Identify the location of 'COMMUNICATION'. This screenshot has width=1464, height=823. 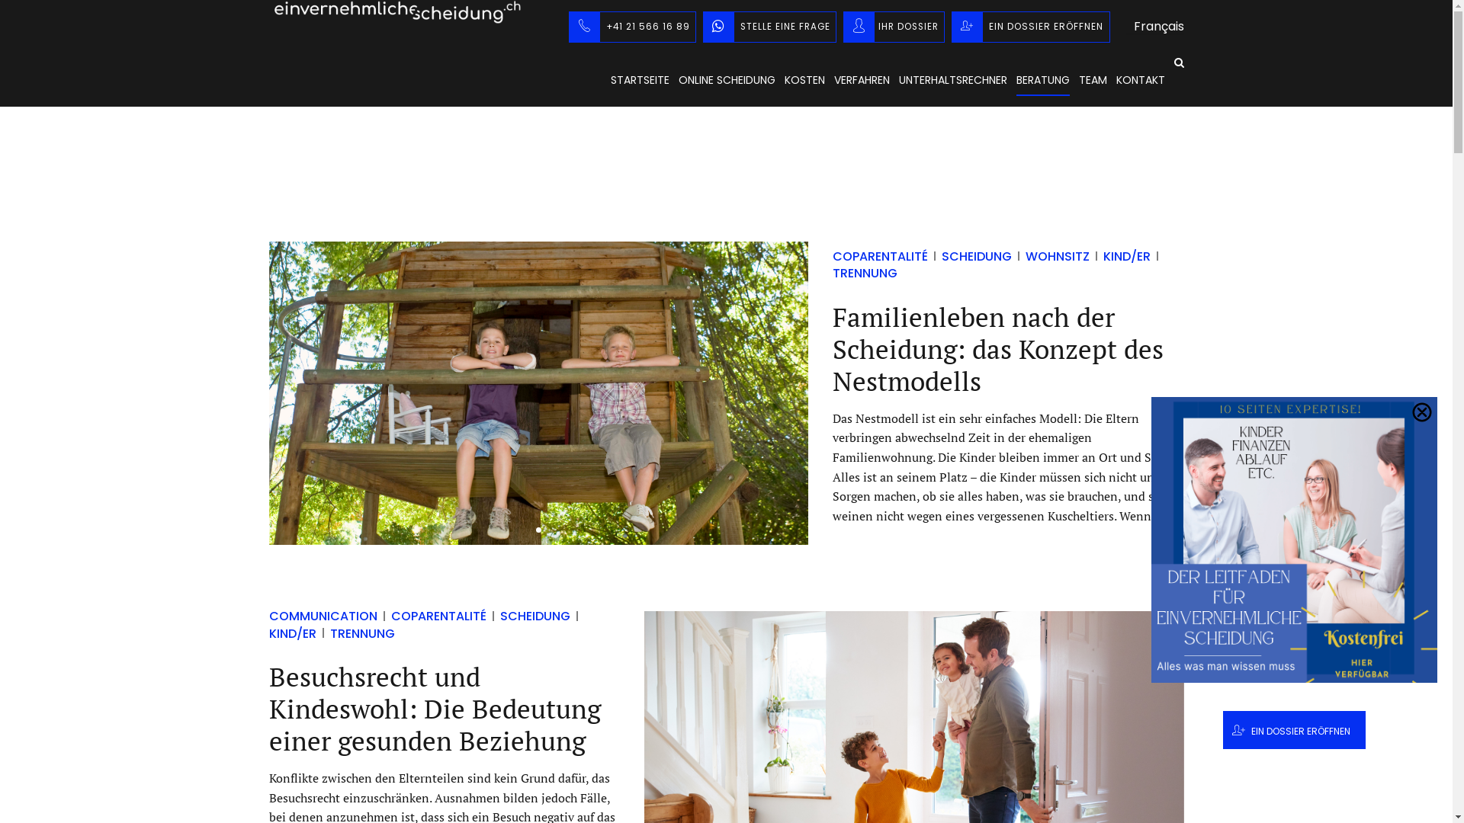
(322, 615).